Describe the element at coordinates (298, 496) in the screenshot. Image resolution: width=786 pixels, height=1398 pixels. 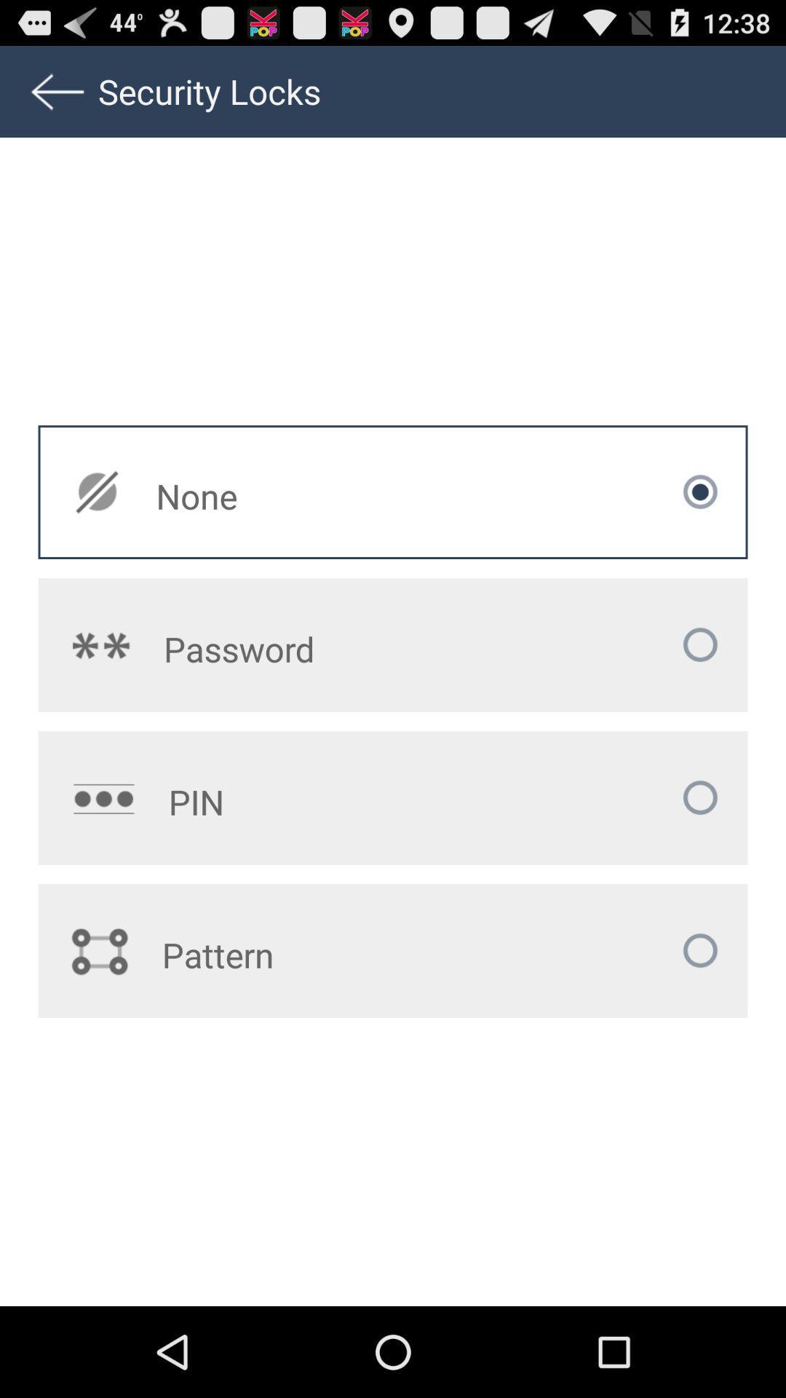
I see `the none` at that location.